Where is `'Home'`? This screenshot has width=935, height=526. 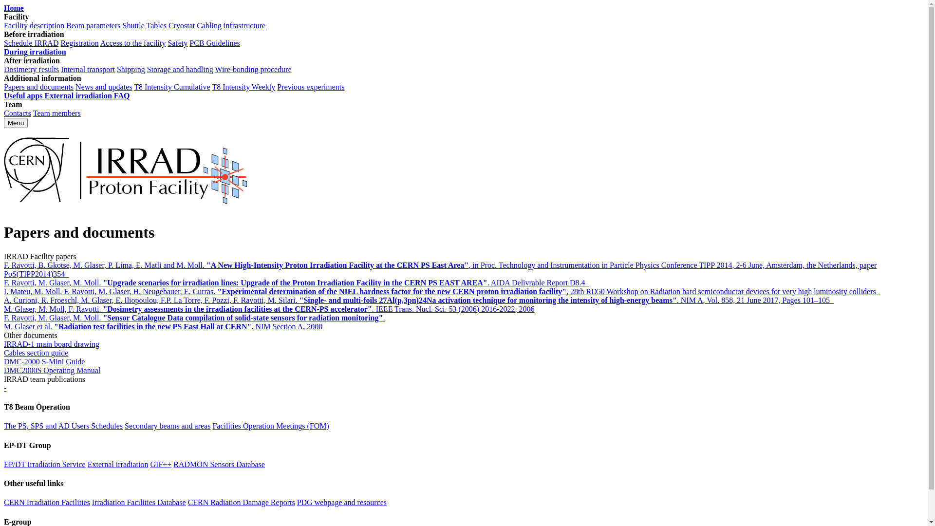
'Home' is located at coordinates (14, 8).